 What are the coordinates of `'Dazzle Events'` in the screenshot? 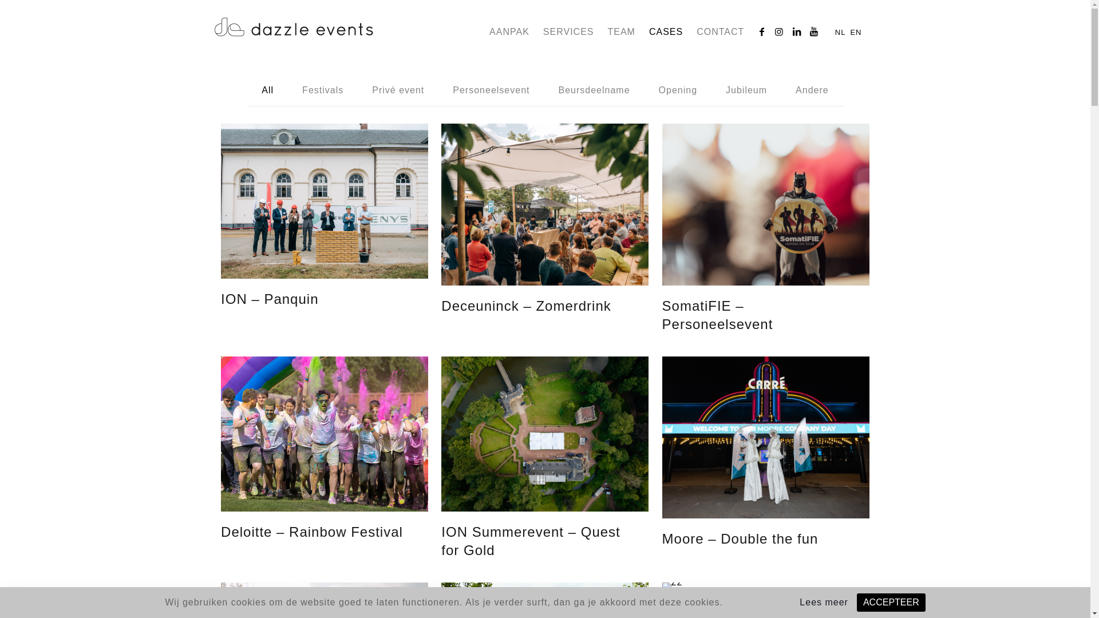 It's located at (293, 25).